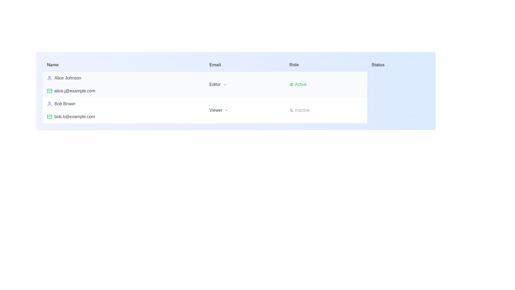 The width and height of the screenshot is (515, 290). Describe the element at coordinates (50, 104) in the screenshot. I see `the user profile icon located in the second row of the 'Name' column, positioned before the text label 'Bob Brown'` at that location.